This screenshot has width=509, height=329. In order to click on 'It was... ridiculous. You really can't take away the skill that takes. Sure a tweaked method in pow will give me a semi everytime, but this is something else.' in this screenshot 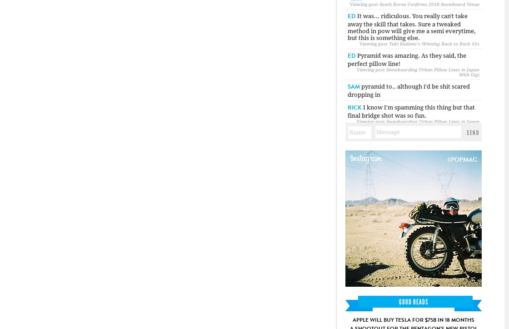, I will do `click(411, 27)`.